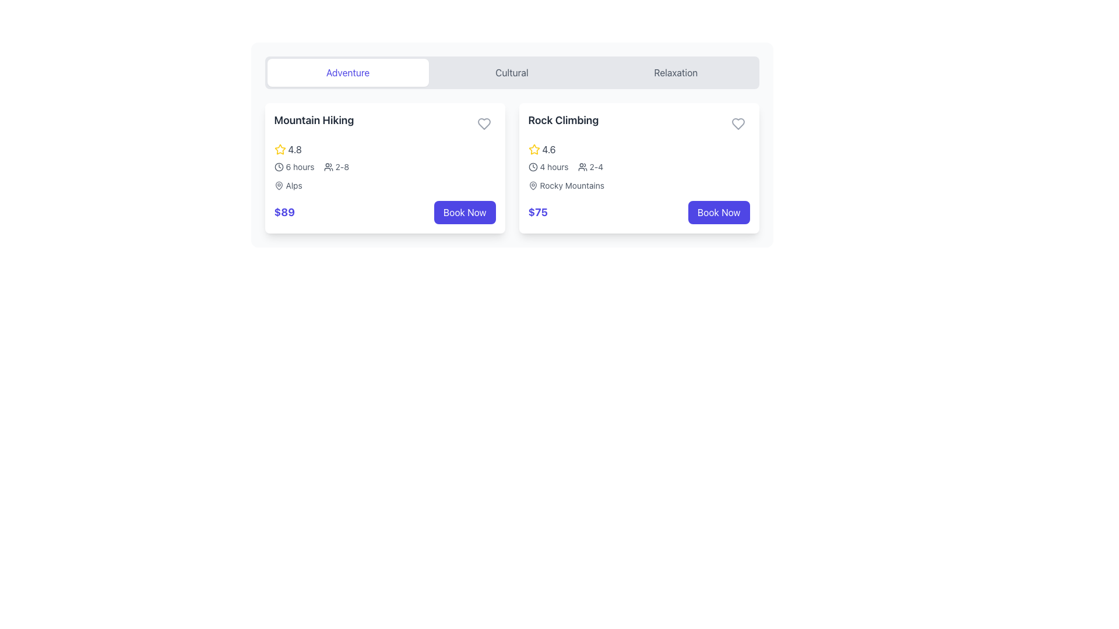  What do you see at coordinates (294, 185) in the screenshot?
I see `static text label that displays the word 'Alps', located immediately to the right of a map-pin icon within the 'Mountain Hiking' activity card` at bounding box center [294, 185].